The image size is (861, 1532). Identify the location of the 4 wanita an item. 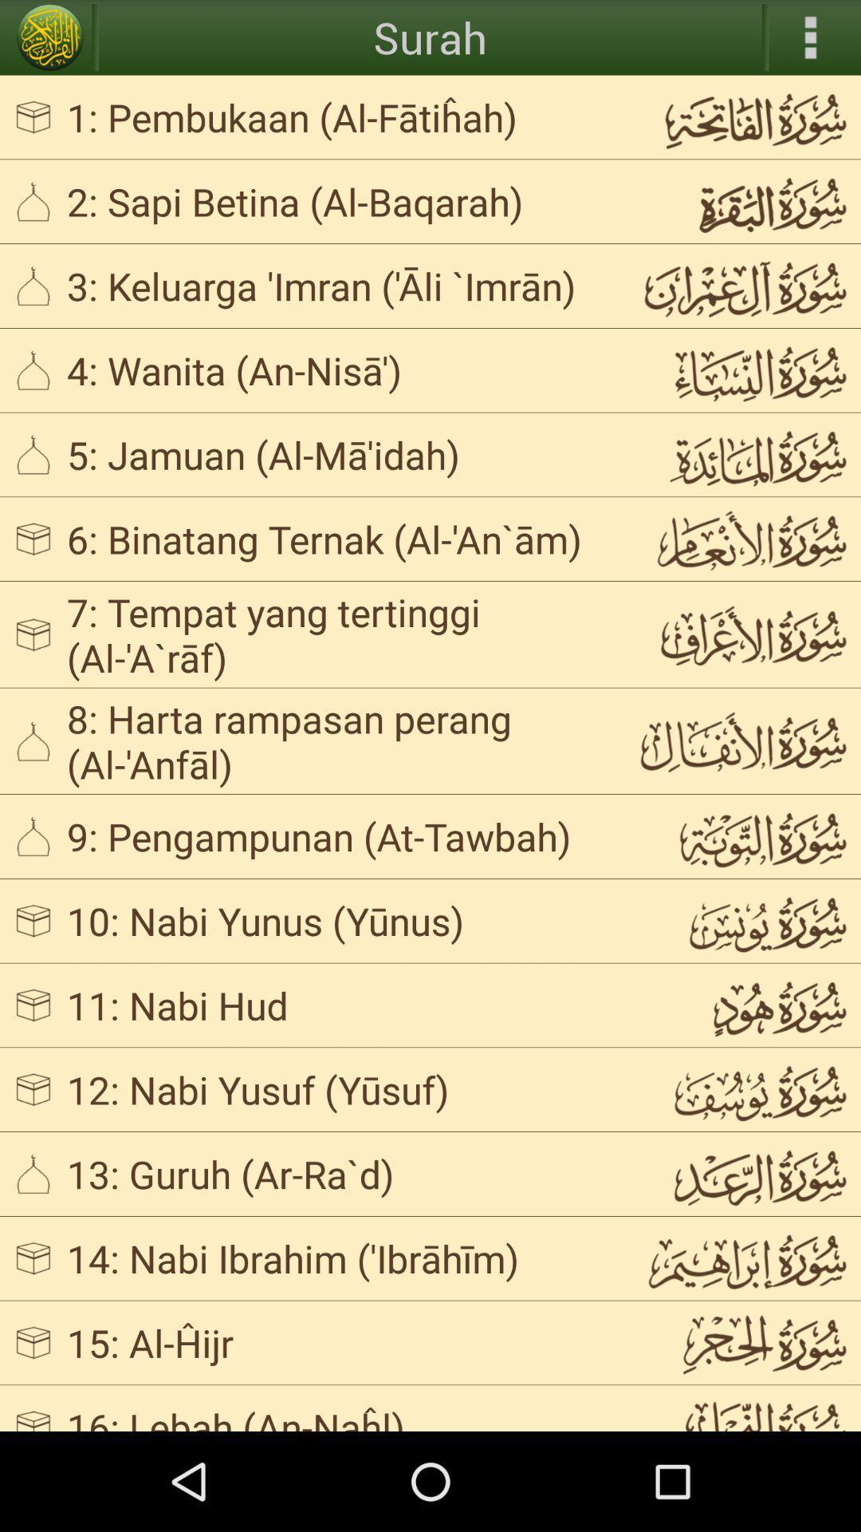
(338, 369).